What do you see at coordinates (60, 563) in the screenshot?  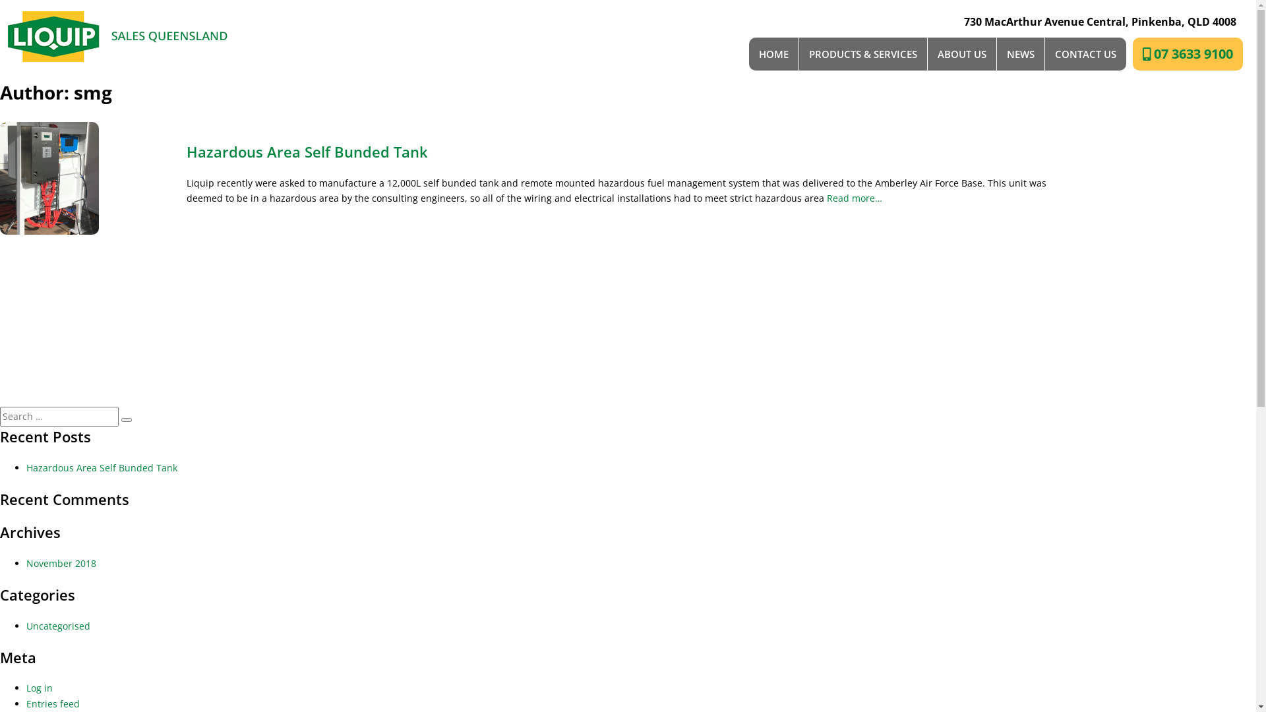 I see `'November 2018'` at bounding box center [60, 563].